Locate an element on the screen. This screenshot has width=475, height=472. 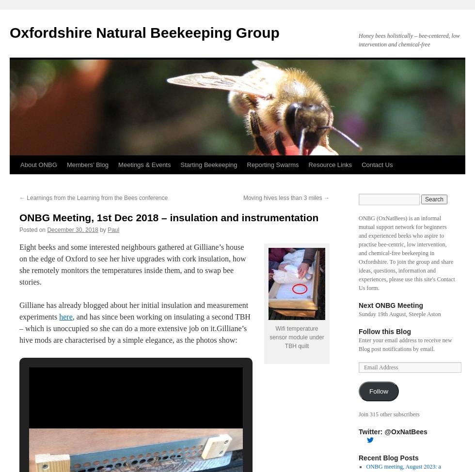
'Moving hives less than 3 miles' is located at coordinates (283, 198).